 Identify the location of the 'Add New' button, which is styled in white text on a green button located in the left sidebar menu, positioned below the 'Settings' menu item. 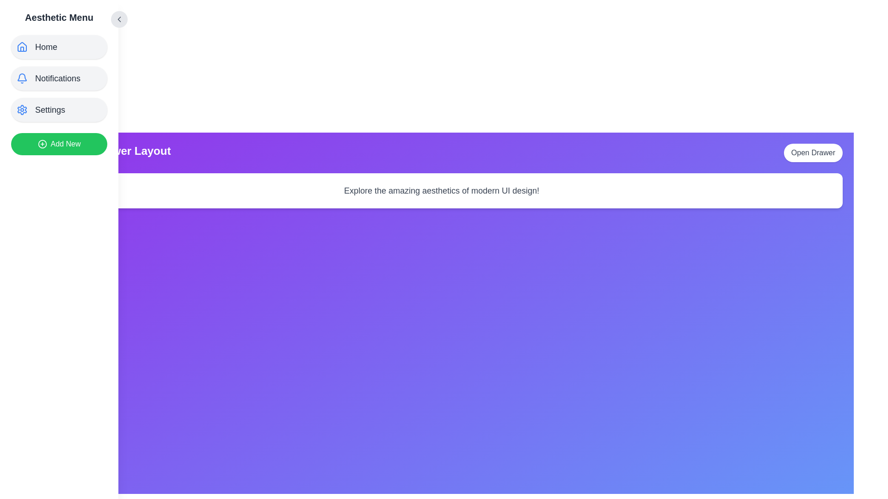
(65, 144).